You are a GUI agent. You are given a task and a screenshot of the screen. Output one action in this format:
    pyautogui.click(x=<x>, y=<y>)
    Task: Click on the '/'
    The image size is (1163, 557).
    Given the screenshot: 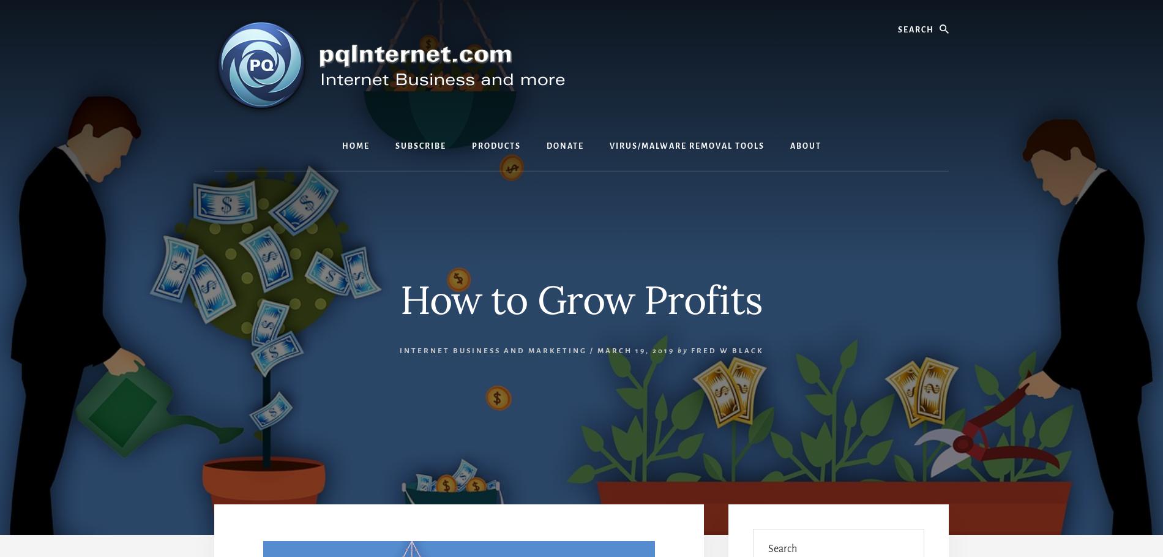 What is the action you would take?
    pyautogui.click(x=590, y=350)
    